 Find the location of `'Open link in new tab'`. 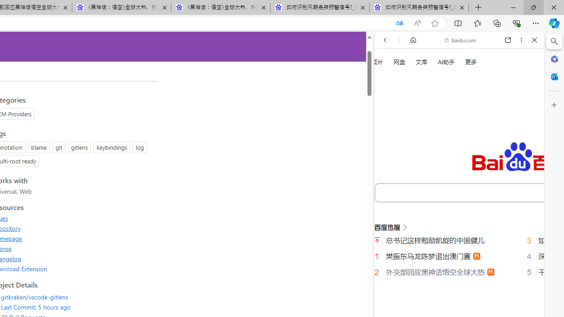

'Open link in new tab' is located at coordinates (508, 40).